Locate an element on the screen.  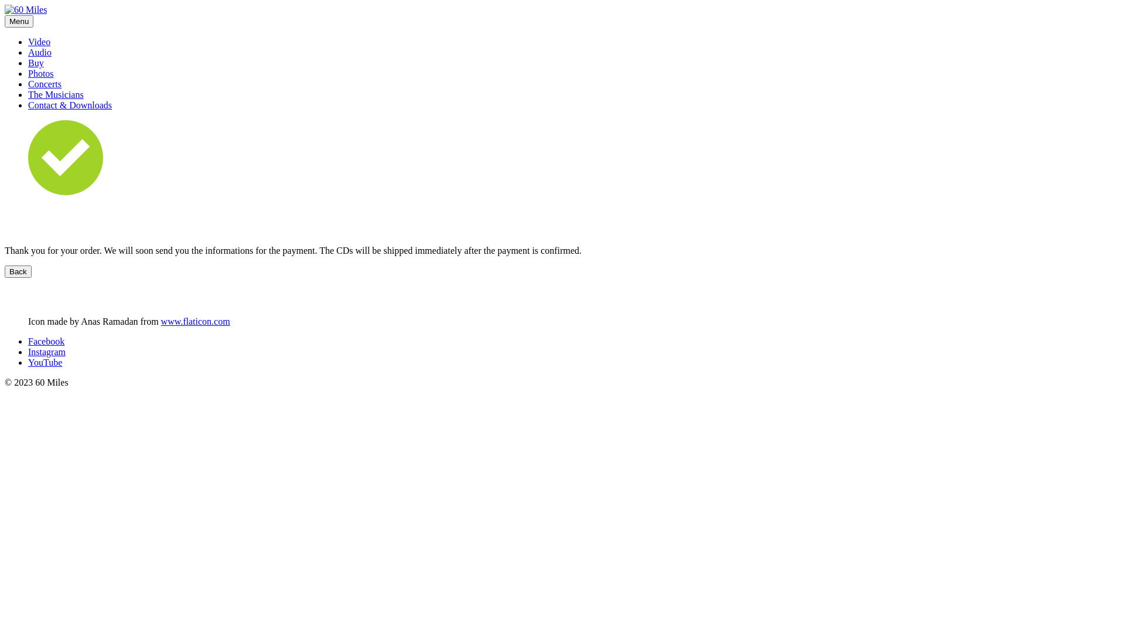
'YouTube' is located at coordinates (45, 362).